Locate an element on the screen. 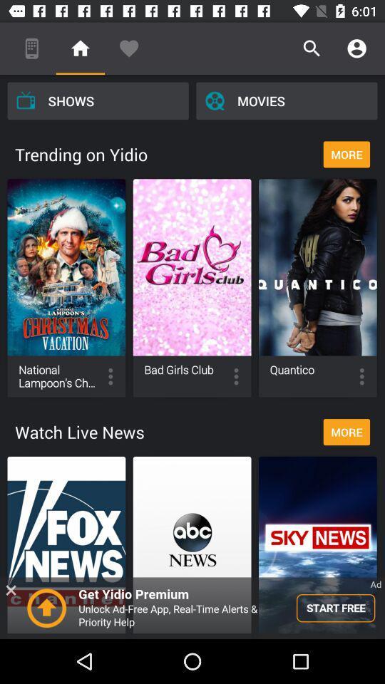 The image size is (385, 684). the icon above movies icon is located at coordinates (311, 48).